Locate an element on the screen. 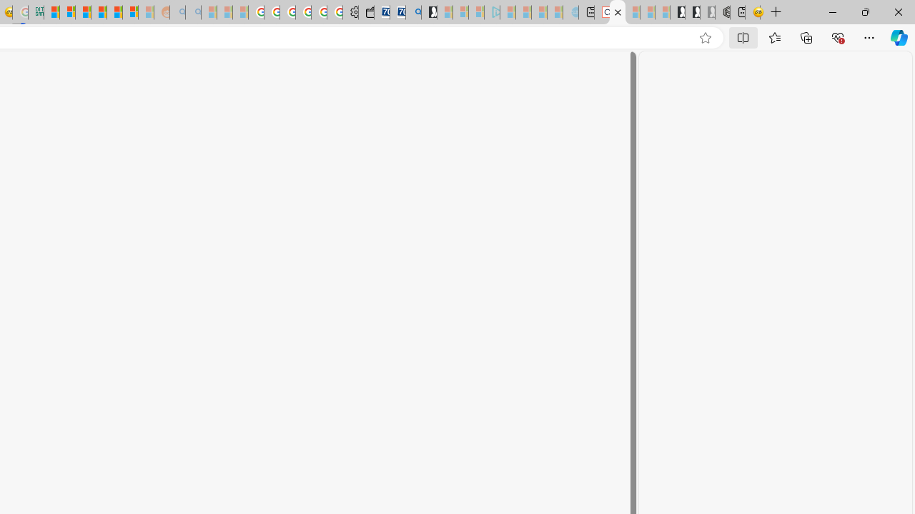 This screenshot has width=915, height=514. 'Close tab' is located at coordinates (618, 12).